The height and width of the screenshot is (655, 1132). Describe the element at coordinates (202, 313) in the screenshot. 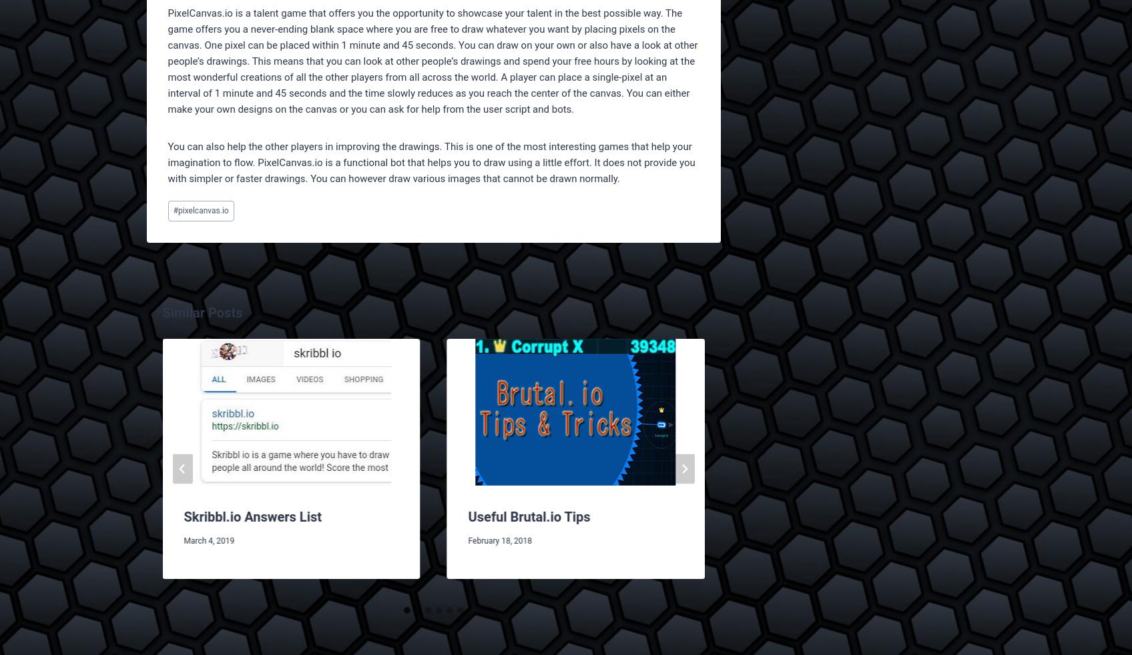

I see `'Similar Posts'` at that location.